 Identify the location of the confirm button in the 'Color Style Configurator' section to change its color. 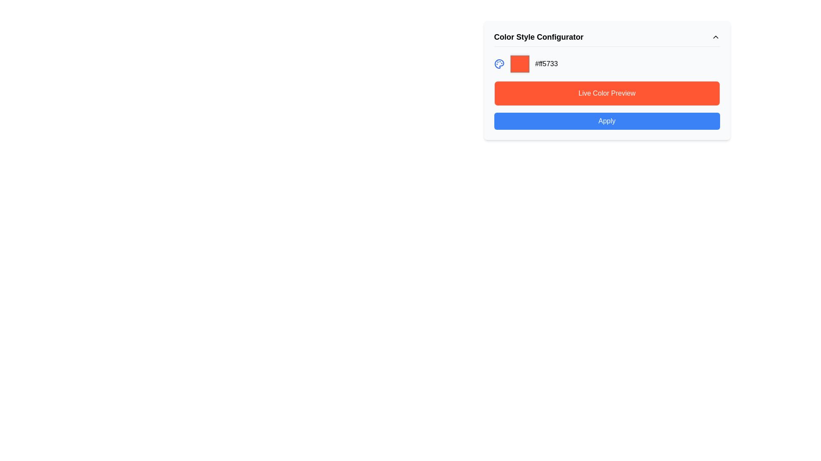
(606, 121).